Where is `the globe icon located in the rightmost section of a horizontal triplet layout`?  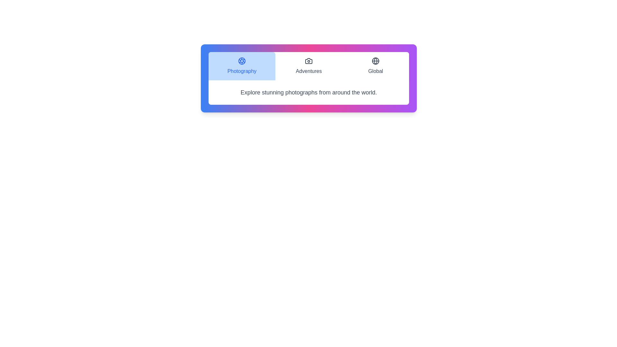
the globe icon located in the rightmost section of a horizontal triplet layout is located at coordinates (376, 61).